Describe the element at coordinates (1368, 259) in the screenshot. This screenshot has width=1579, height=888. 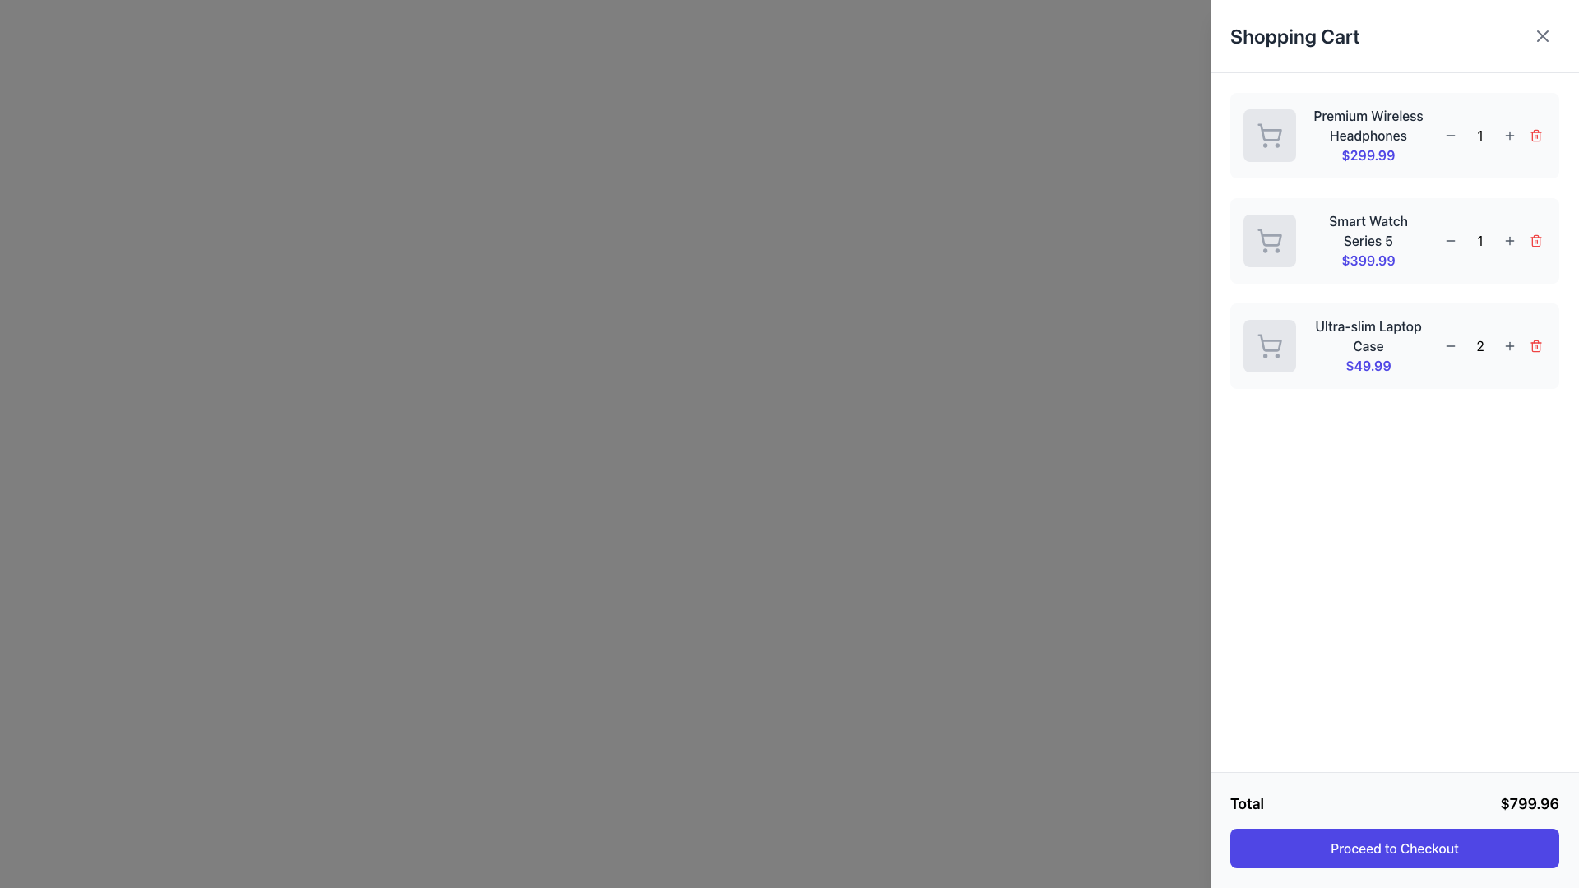
I see `the non-interactive text label indicating the price of the 'Smart Watch Series 5' product, located in the shopping cart UI beneath the product name` at that location.